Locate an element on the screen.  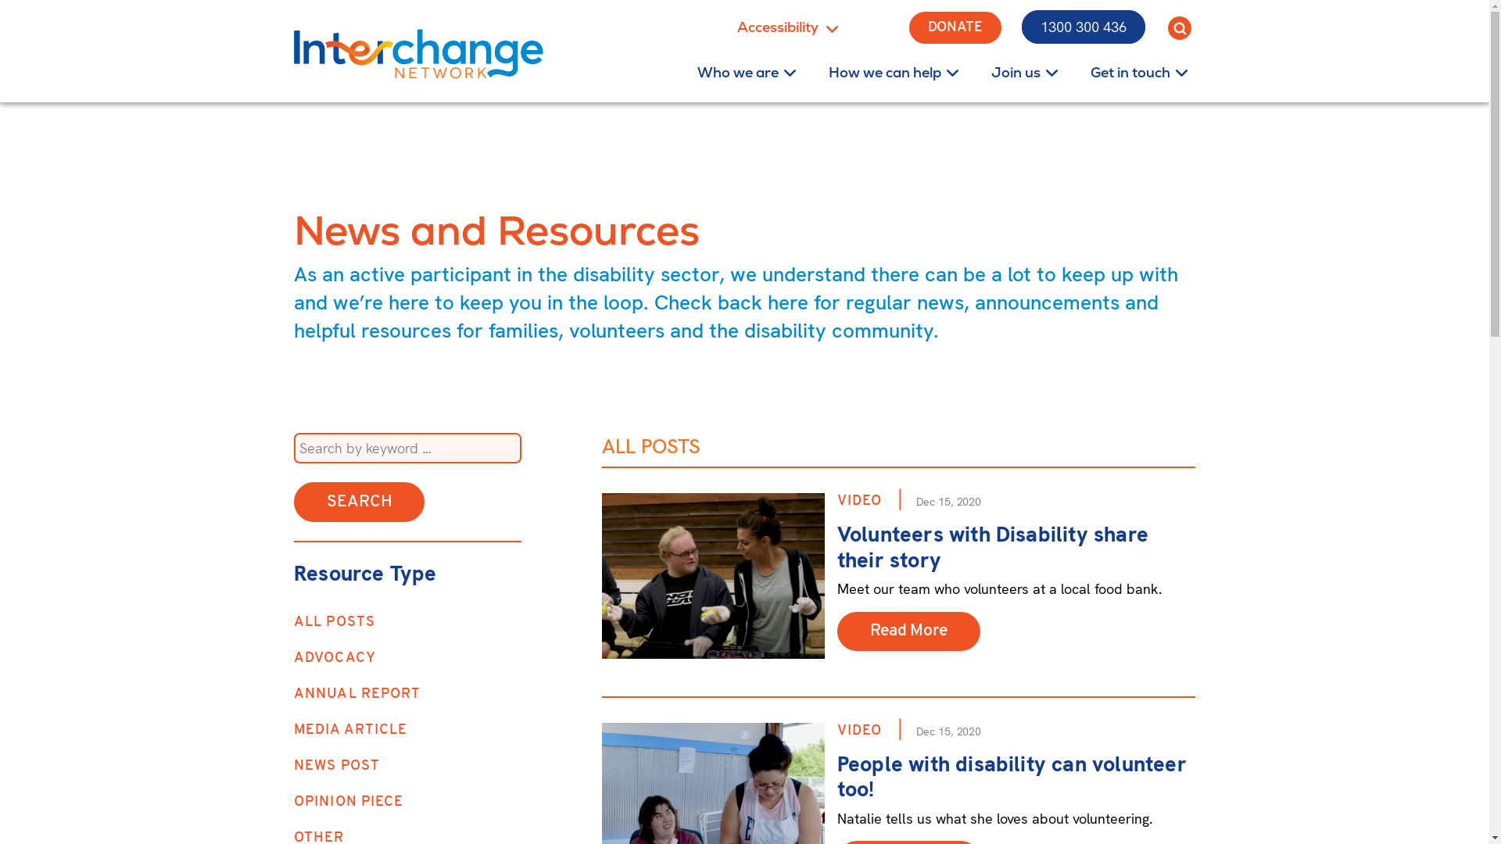
'Who we are' is located at coordinates (672, 72).